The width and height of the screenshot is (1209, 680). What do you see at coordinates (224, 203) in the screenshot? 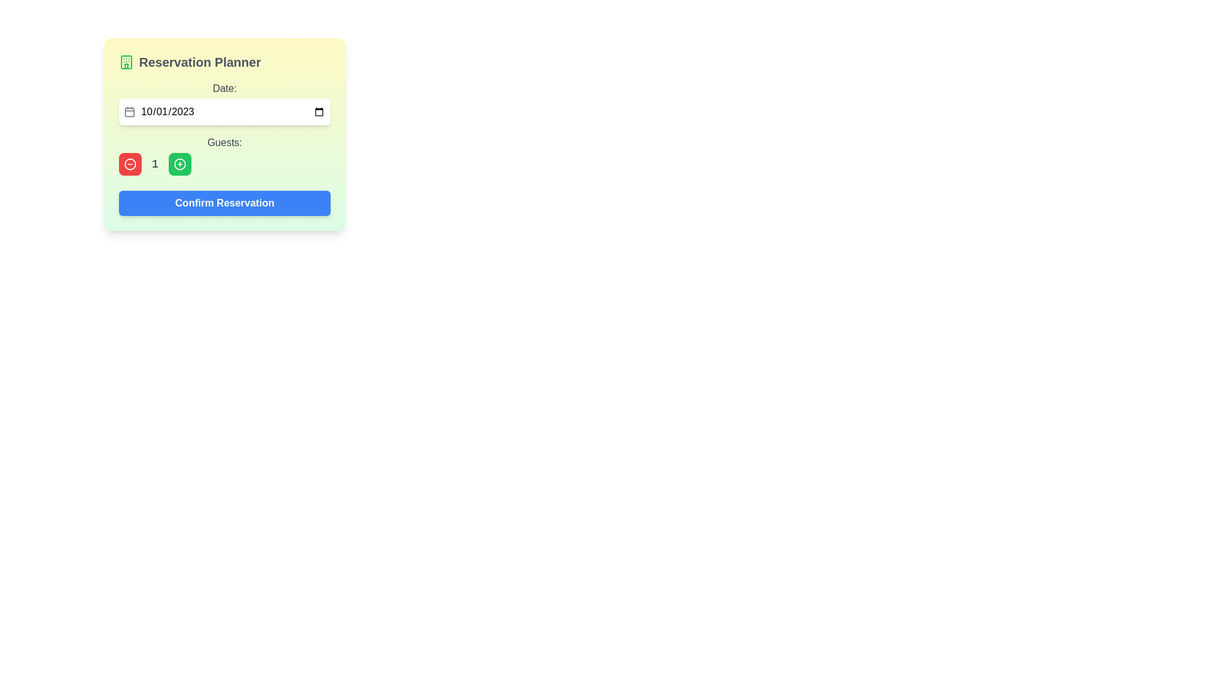
I see `the rectangular blue 'Confirm Reservation' button with rounded corners located at the bottom of the 'Reservation Planner' panel to confirm the reservation` at bounding box center [224, 203].